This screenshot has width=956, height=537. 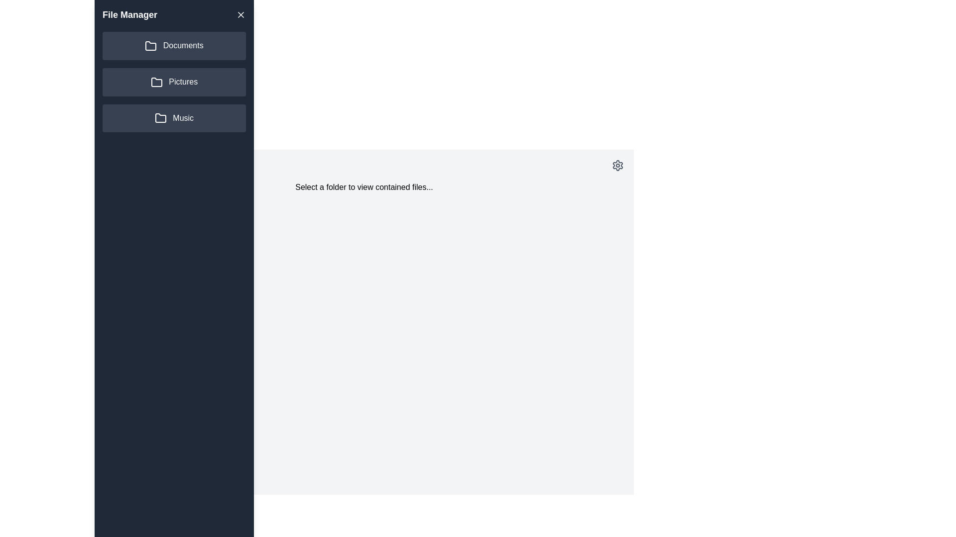 I want to click on the folder named Pictures, so click(x=174, y=82).